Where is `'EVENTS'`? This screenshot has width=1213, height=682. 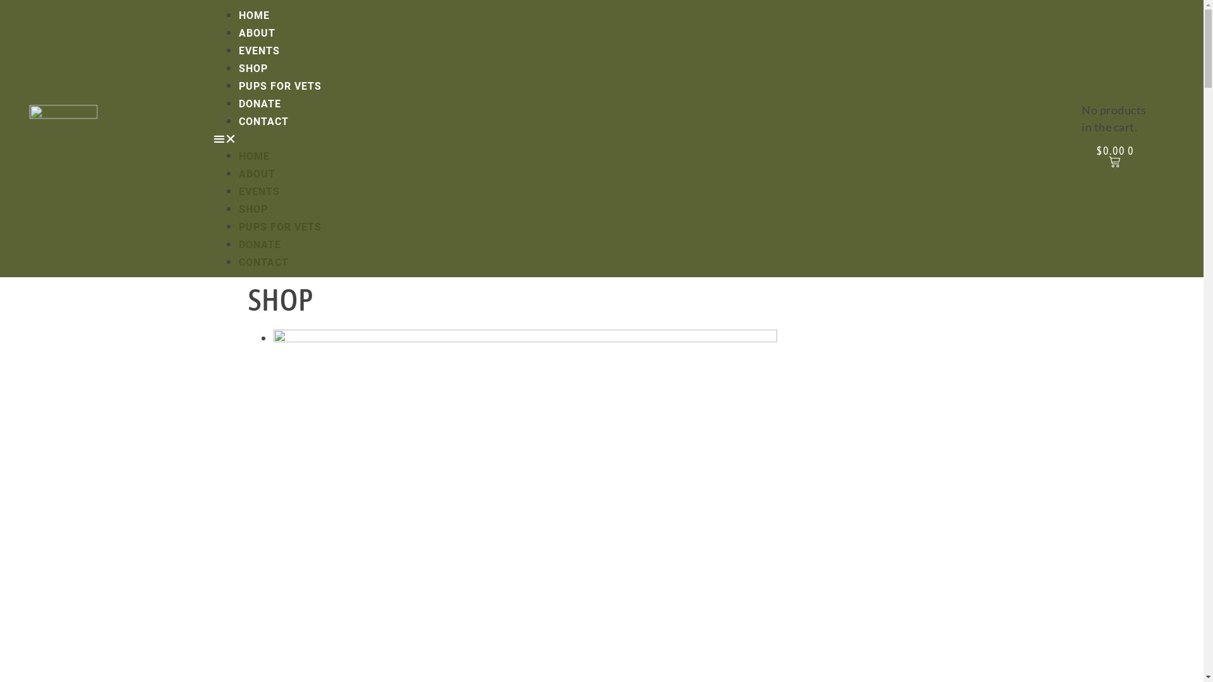 'EVENTS' is located at coordinates (258, 50).